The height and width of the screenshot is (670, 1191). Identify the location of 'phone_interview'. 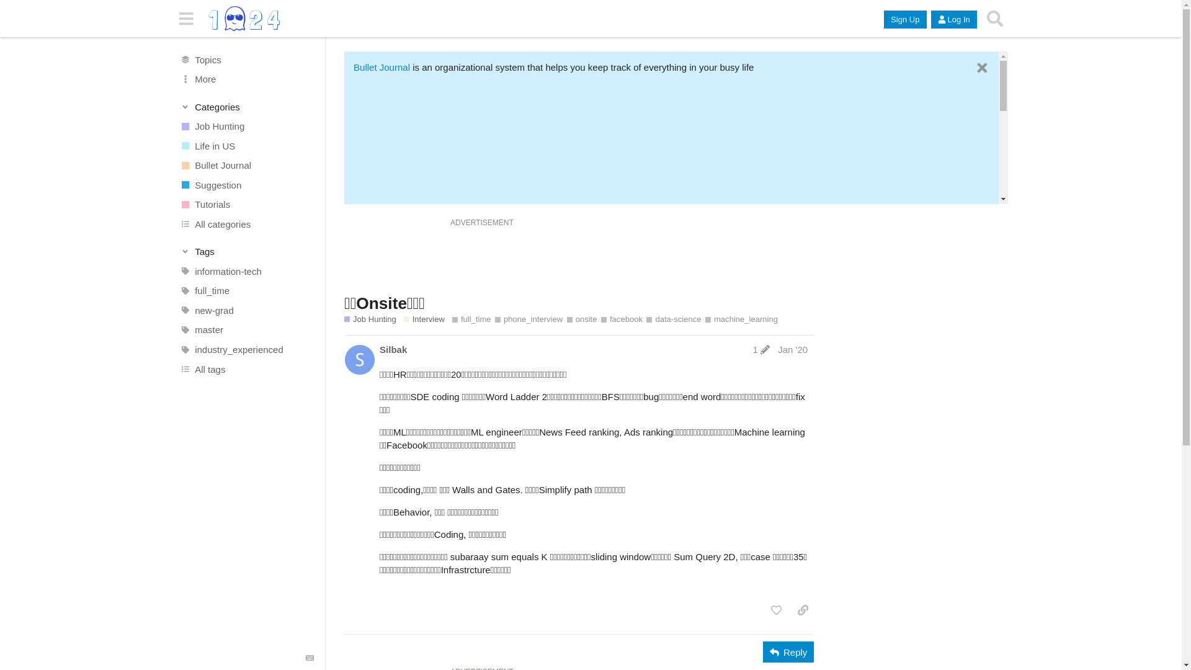
(529, 319).